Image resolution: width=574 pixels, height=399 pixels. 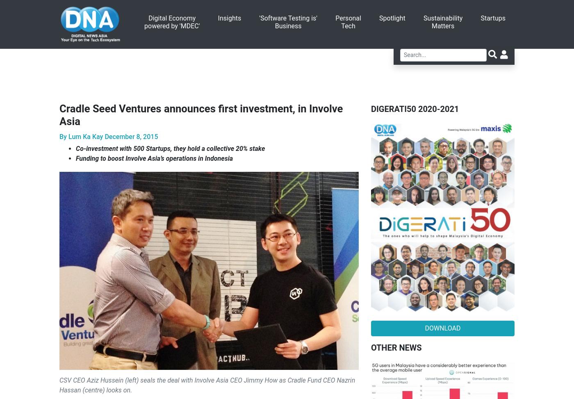 What do you see at coordinates (207, 384) in the screenshot?
I see `'CSV CEO Aziz Hussein (left) seals the deal with Involve Asia CEO Jimmy How as Cradle Fund CEO Nazrin Hassan (centre) looks on.'` at bounding box center [207, 384].